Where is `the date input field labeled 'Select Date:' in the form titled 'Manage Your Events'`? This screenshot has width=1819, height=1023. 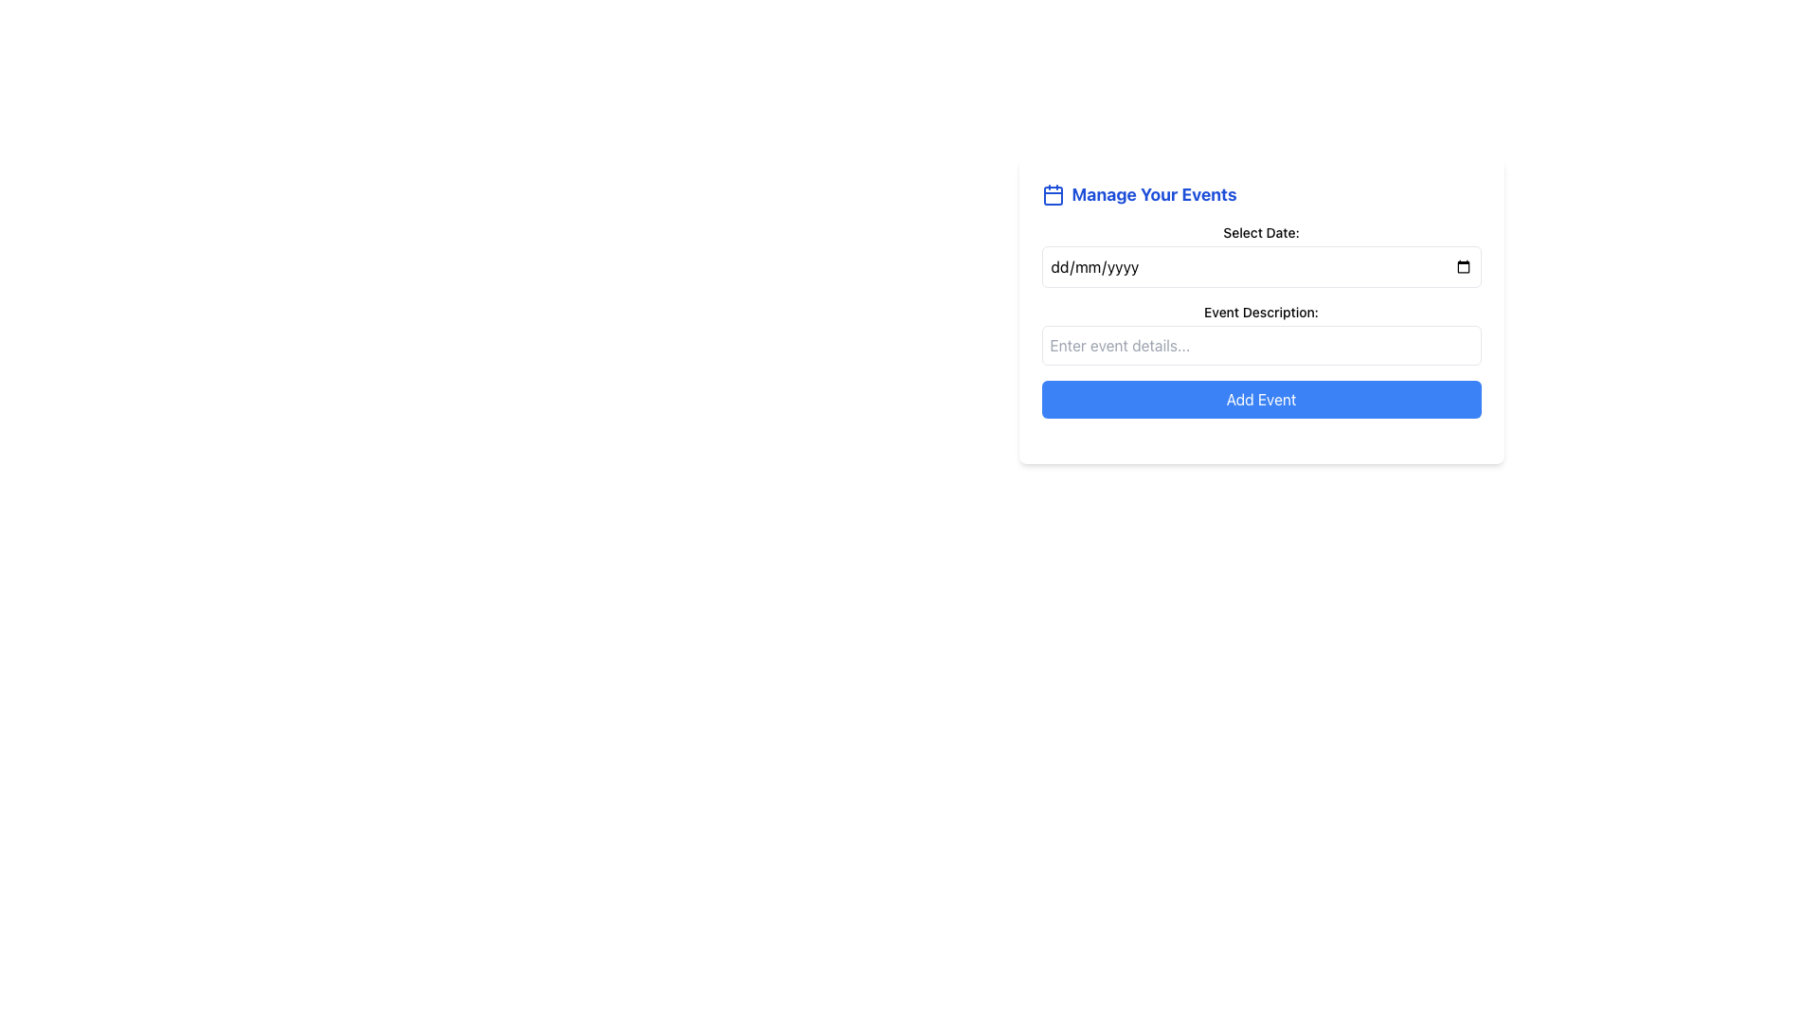
the date input field labeled 'Select Date:' in the form titled 'Manage Your Events' is located at coordinates (1261, 256).